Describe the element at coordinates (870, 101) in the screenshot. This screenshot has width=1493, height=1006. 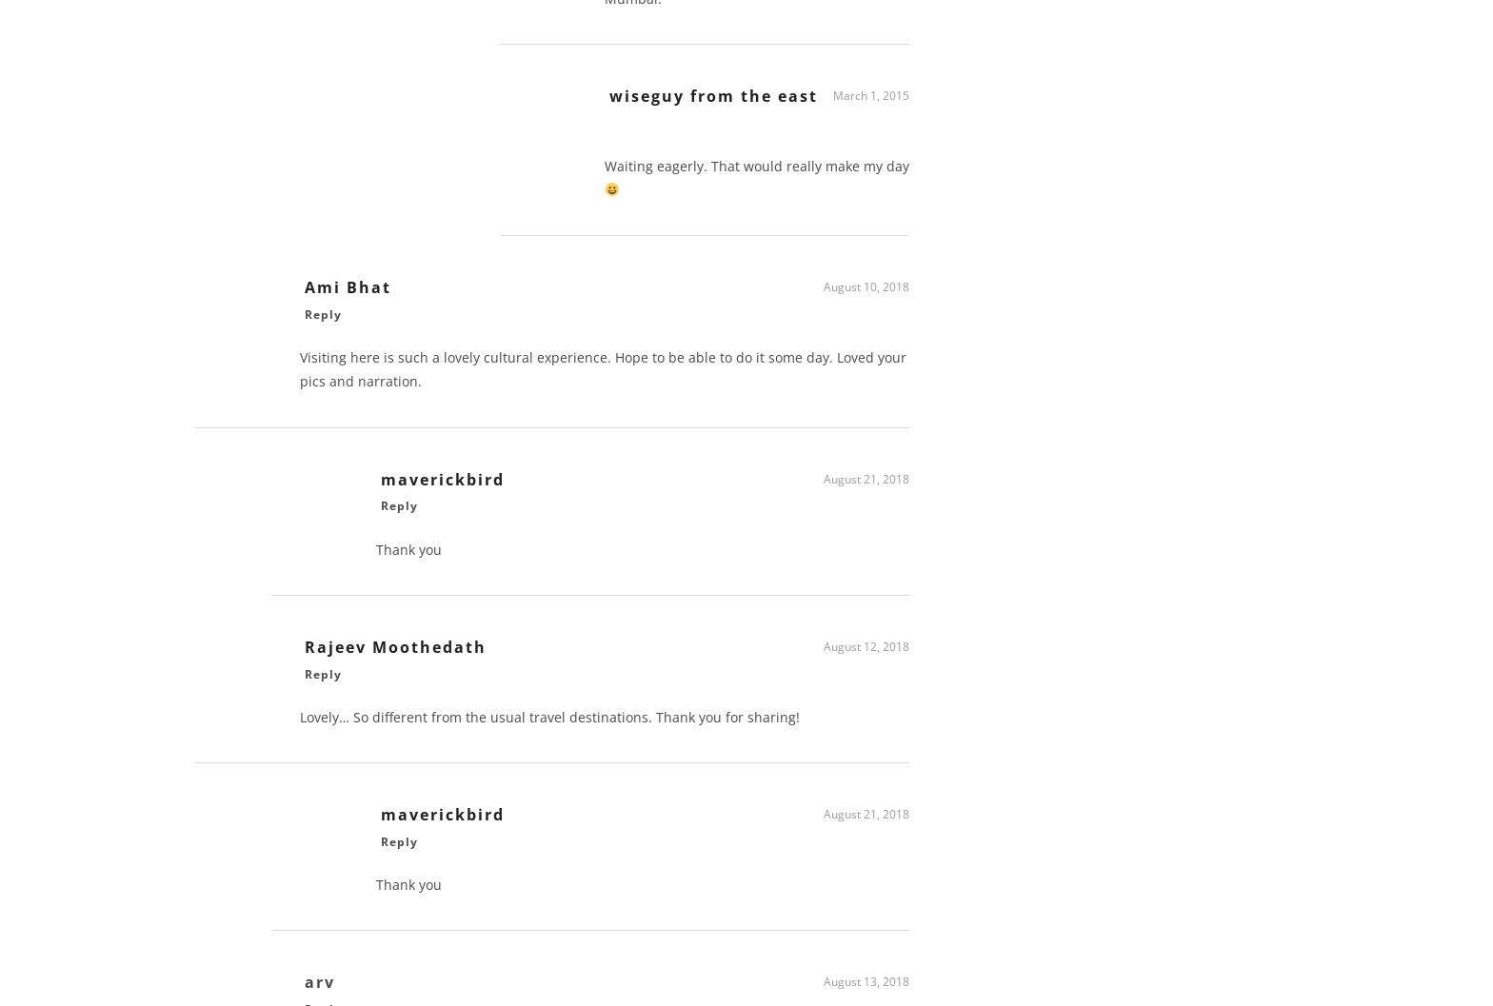
I see `'March 1, 2015'` at that location.